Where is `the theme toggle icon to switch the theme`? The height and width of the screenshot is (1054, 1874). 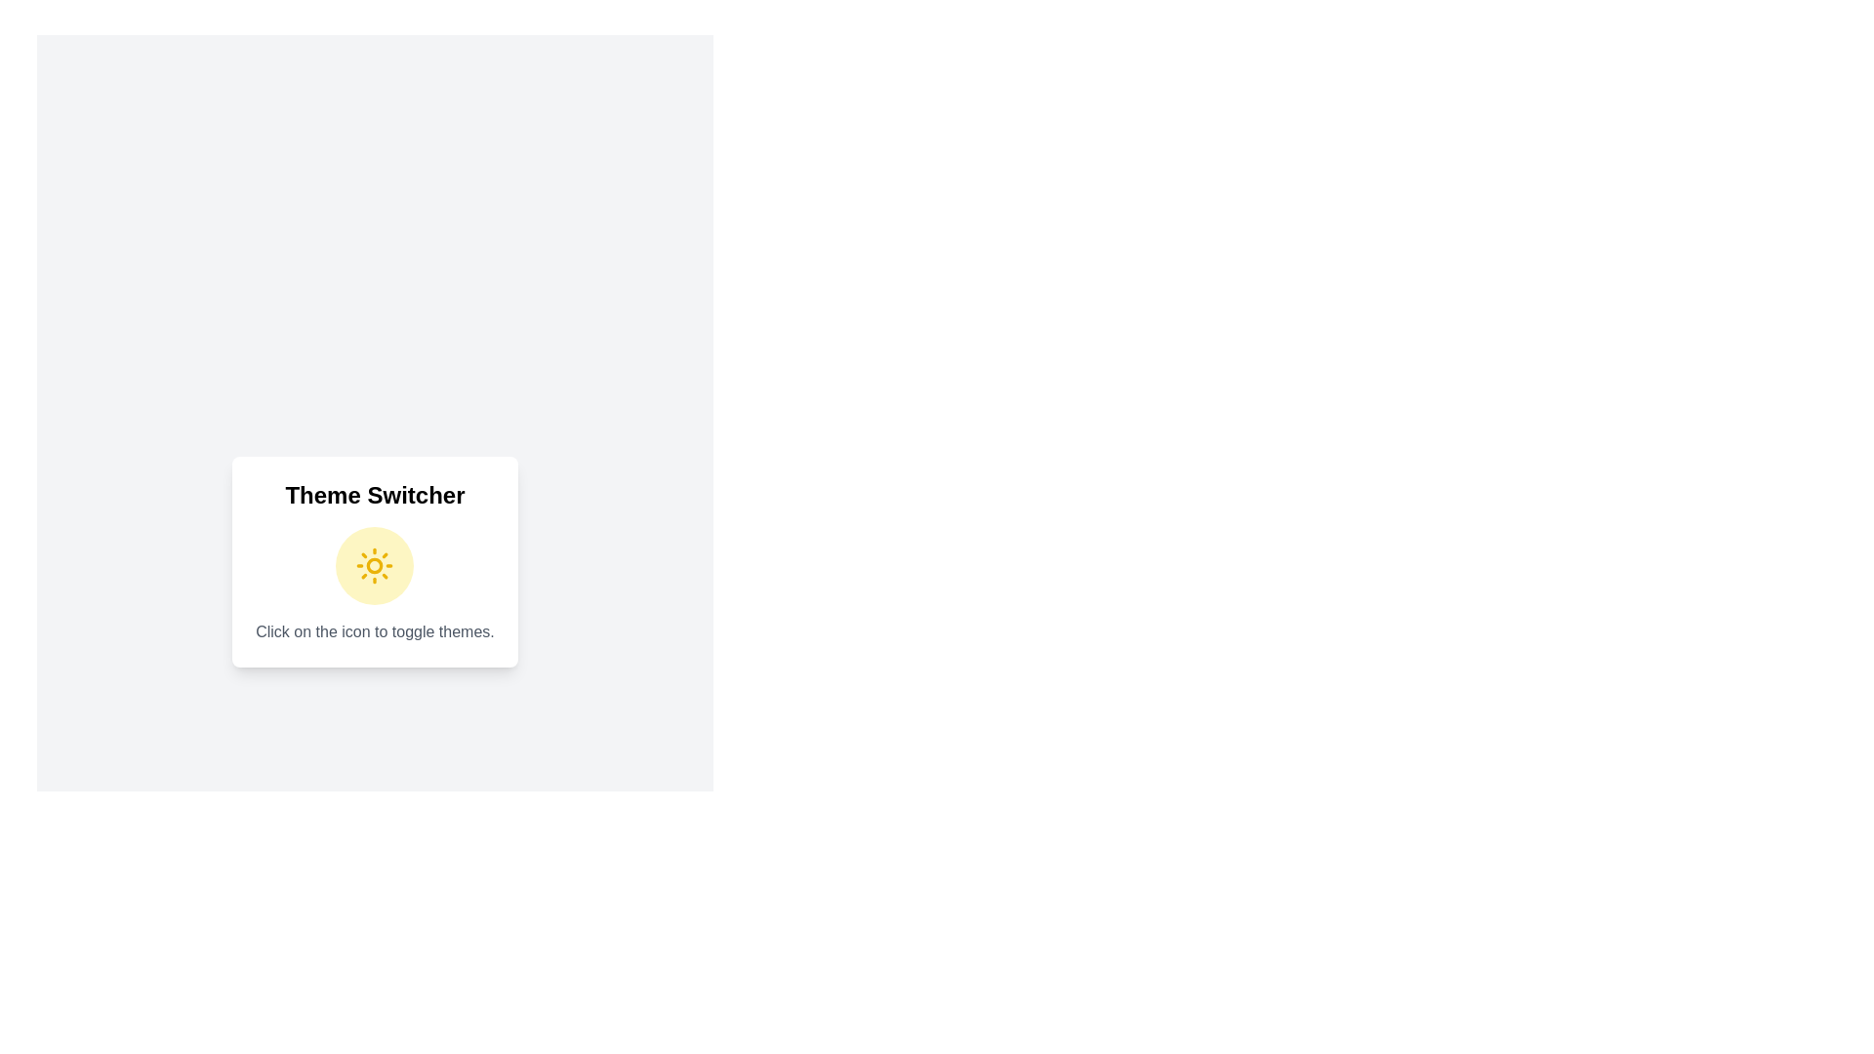 the theme toggle icon to switch the theme is located at coordinates (375, 565).